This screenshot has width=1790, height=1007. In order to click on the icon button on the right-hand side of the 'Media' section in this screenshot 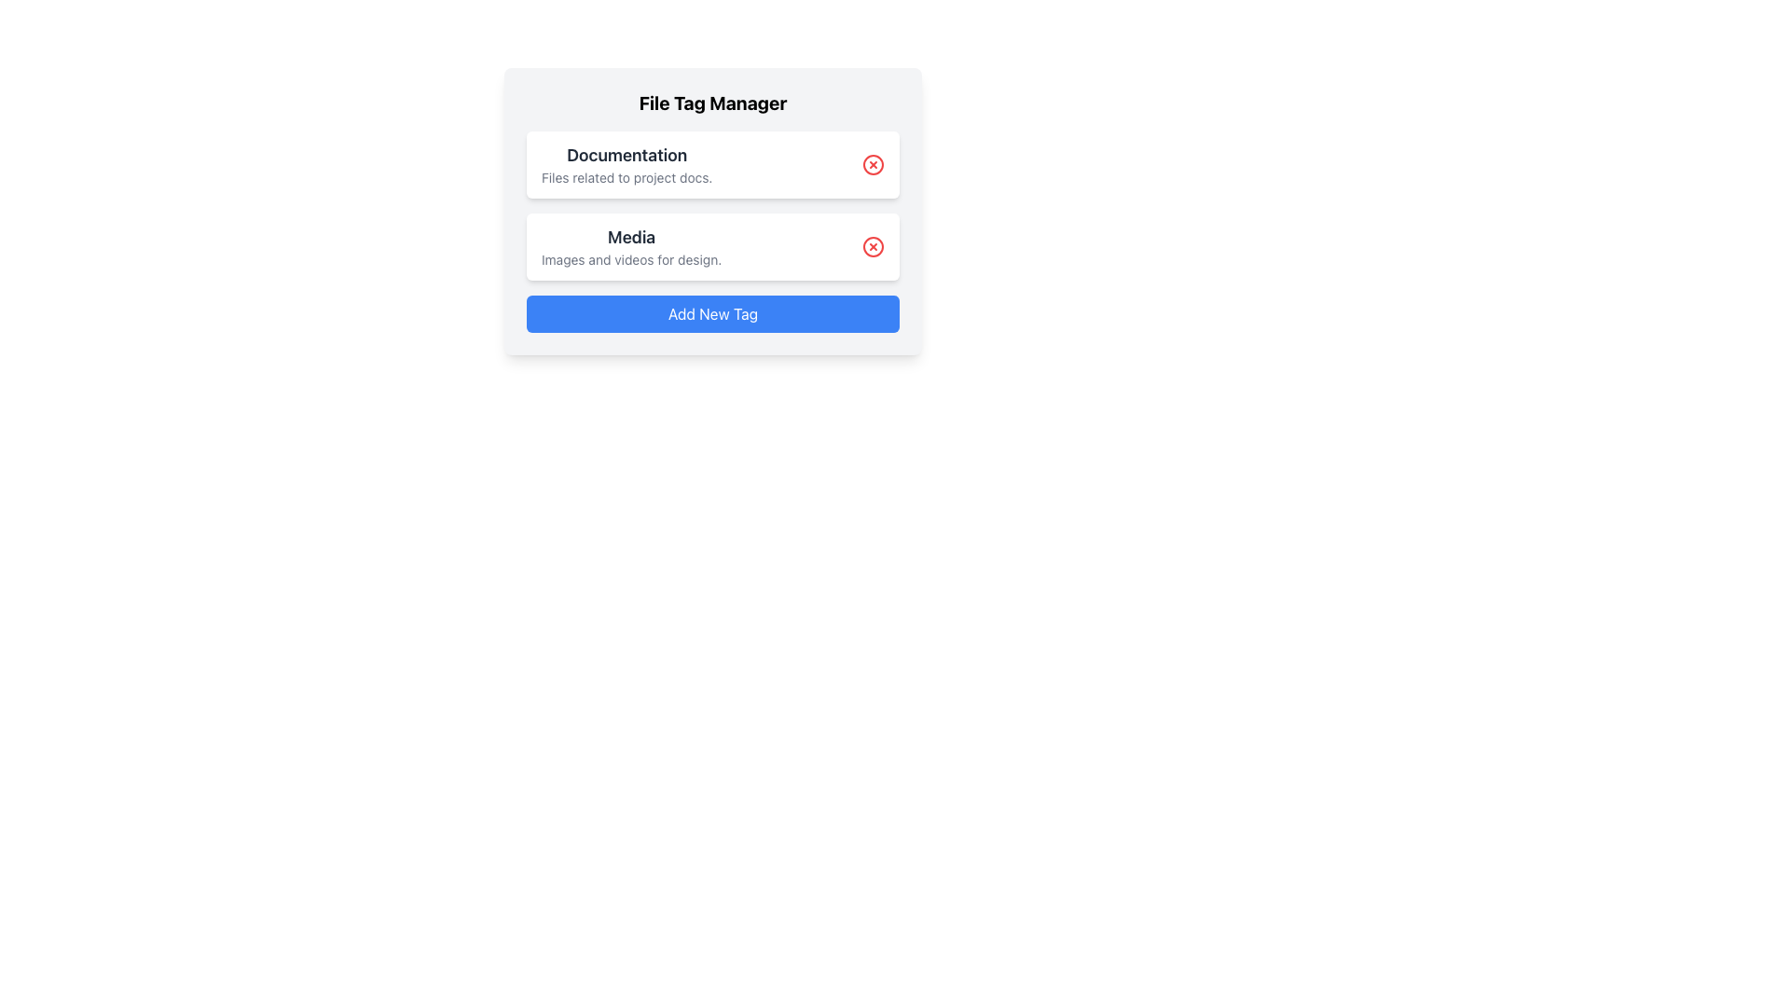, I will do `click(872, 246)`.